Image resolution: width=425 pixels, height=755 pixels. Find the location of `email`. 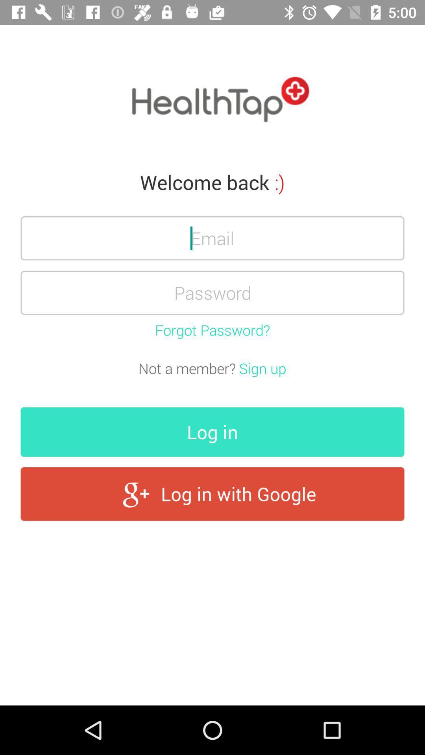

email is located at coordinates (213, 238).